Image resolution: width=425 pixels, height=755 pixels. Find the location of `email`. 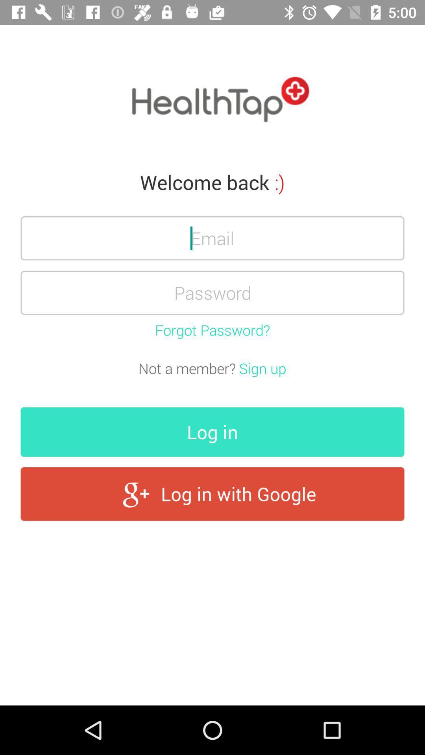

email is located at coordinates (213, 238).